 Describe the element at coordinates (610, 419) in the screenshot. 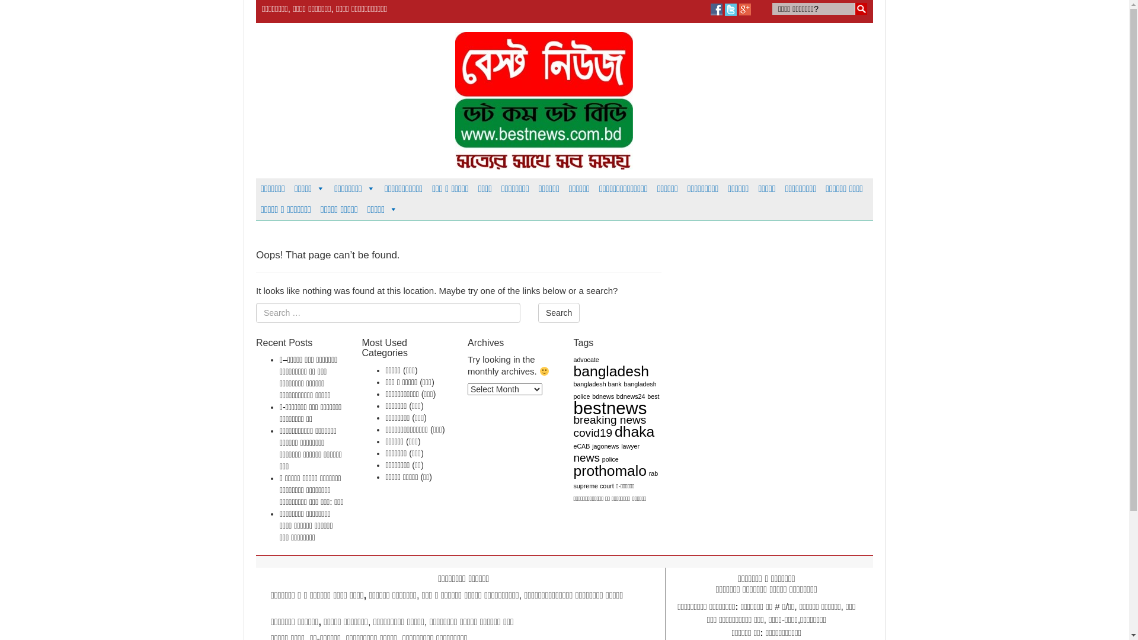

I see `'breaking news'` at that location.